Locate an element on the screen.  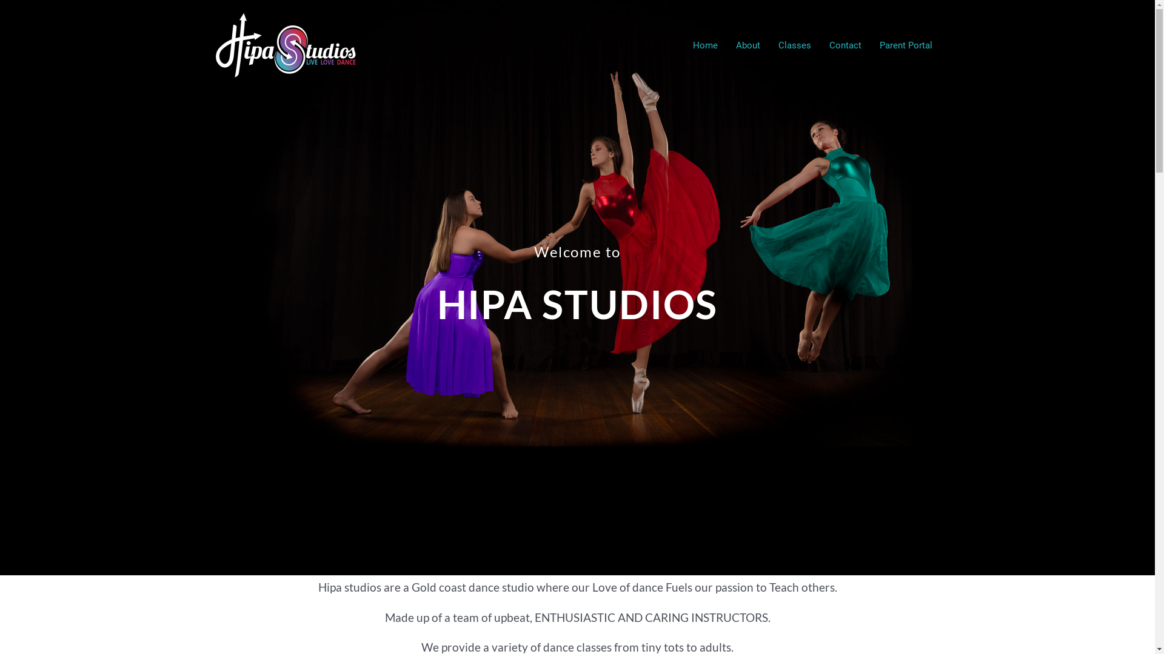
'Contact' is located at coordinates (820, 44).